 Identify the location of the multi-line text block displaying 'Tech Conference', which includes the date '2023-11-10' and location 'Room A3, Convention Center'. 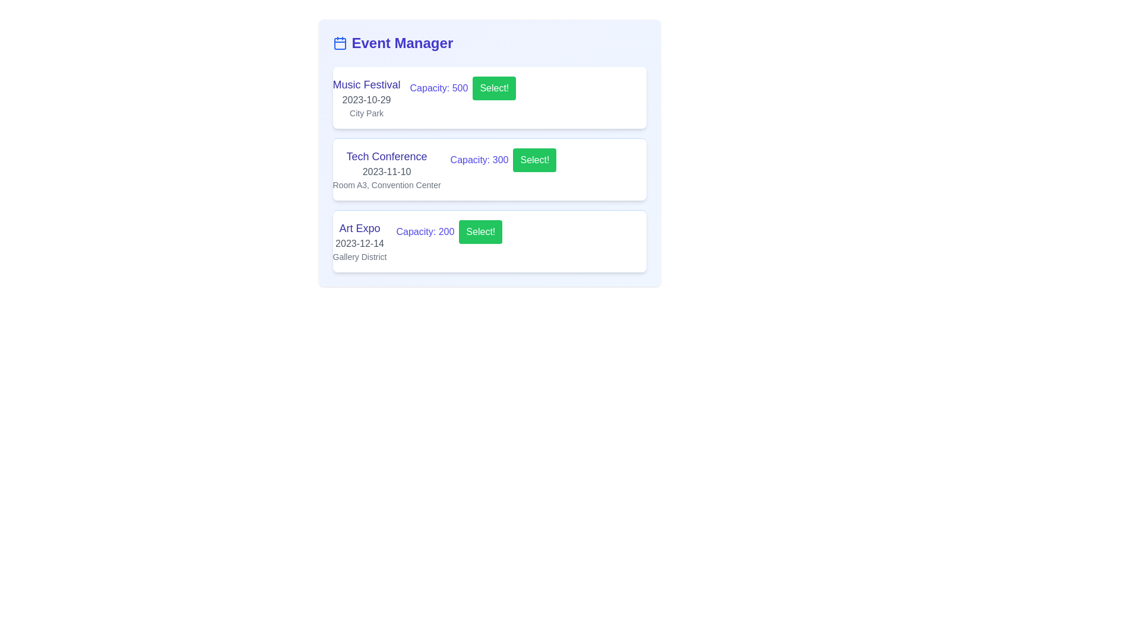
(387, 169).